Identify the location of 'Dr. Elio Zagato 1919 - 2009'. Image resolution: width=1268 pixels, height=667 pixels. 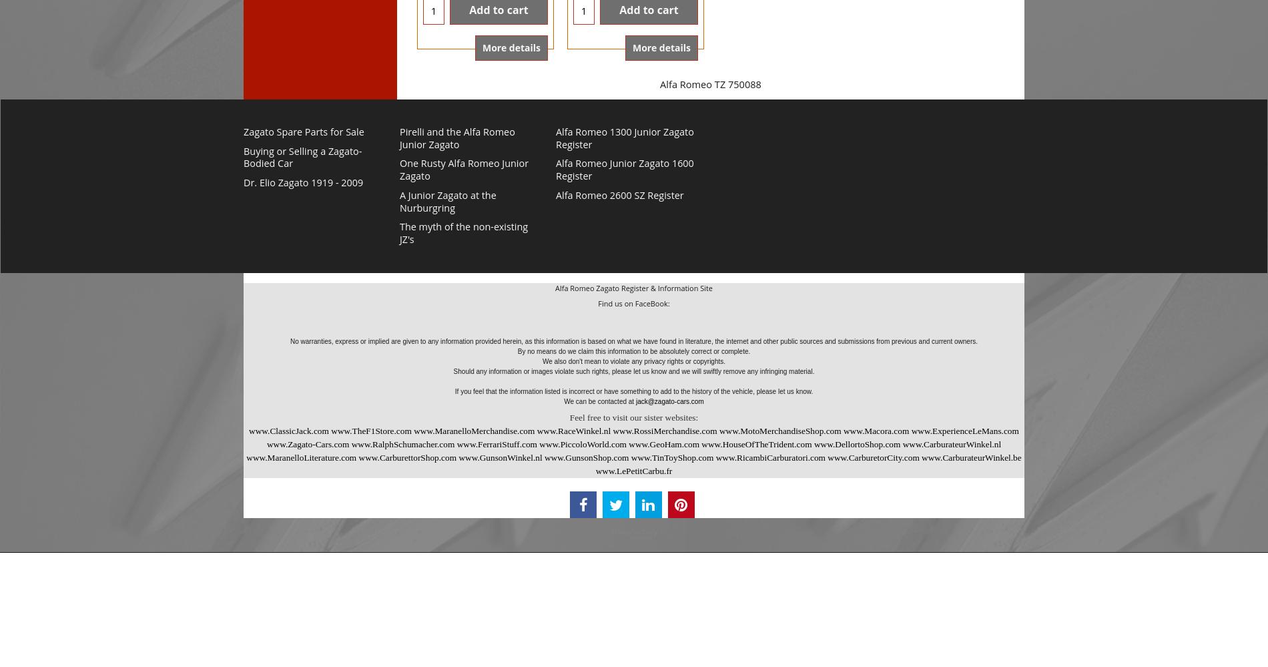
(302, 182).